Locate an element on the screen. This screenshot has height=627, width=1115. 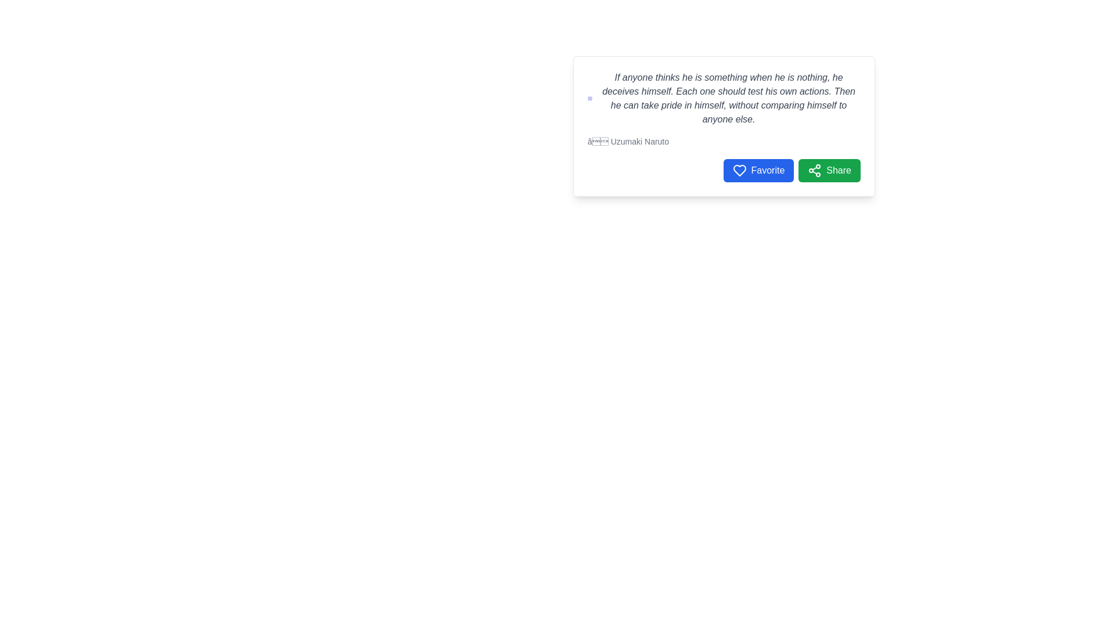
the 'Favorite' button, which is the leftmost button with a heart icon and blue background is located at coordinates (758, 170).